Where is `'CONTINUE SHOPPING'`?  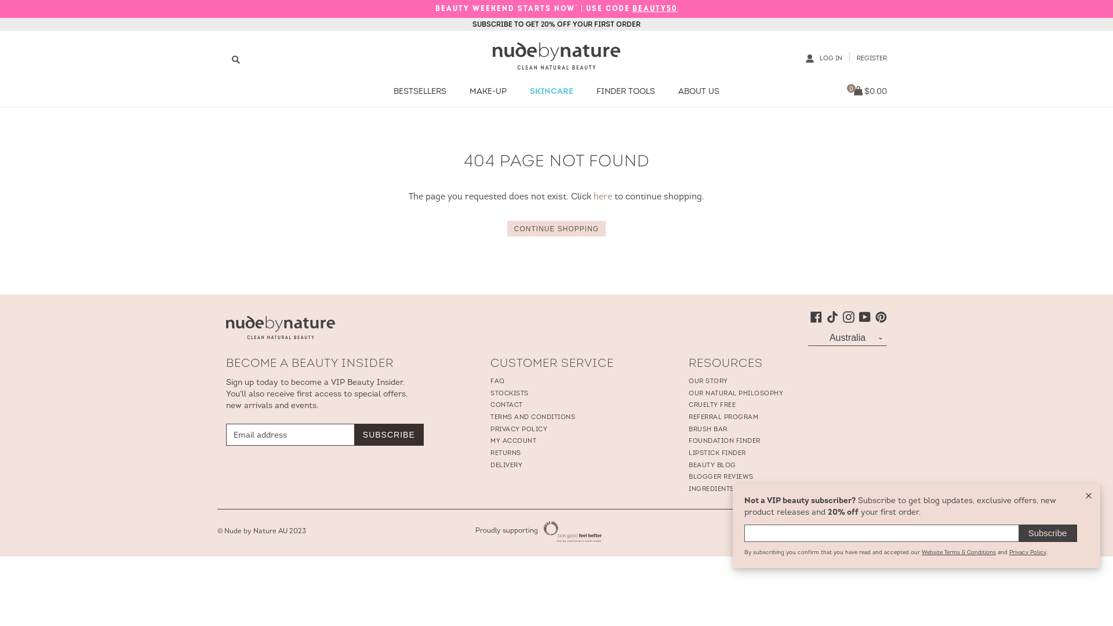 'CONTINUE SHOPPING' is located at coordinates (556, 228).